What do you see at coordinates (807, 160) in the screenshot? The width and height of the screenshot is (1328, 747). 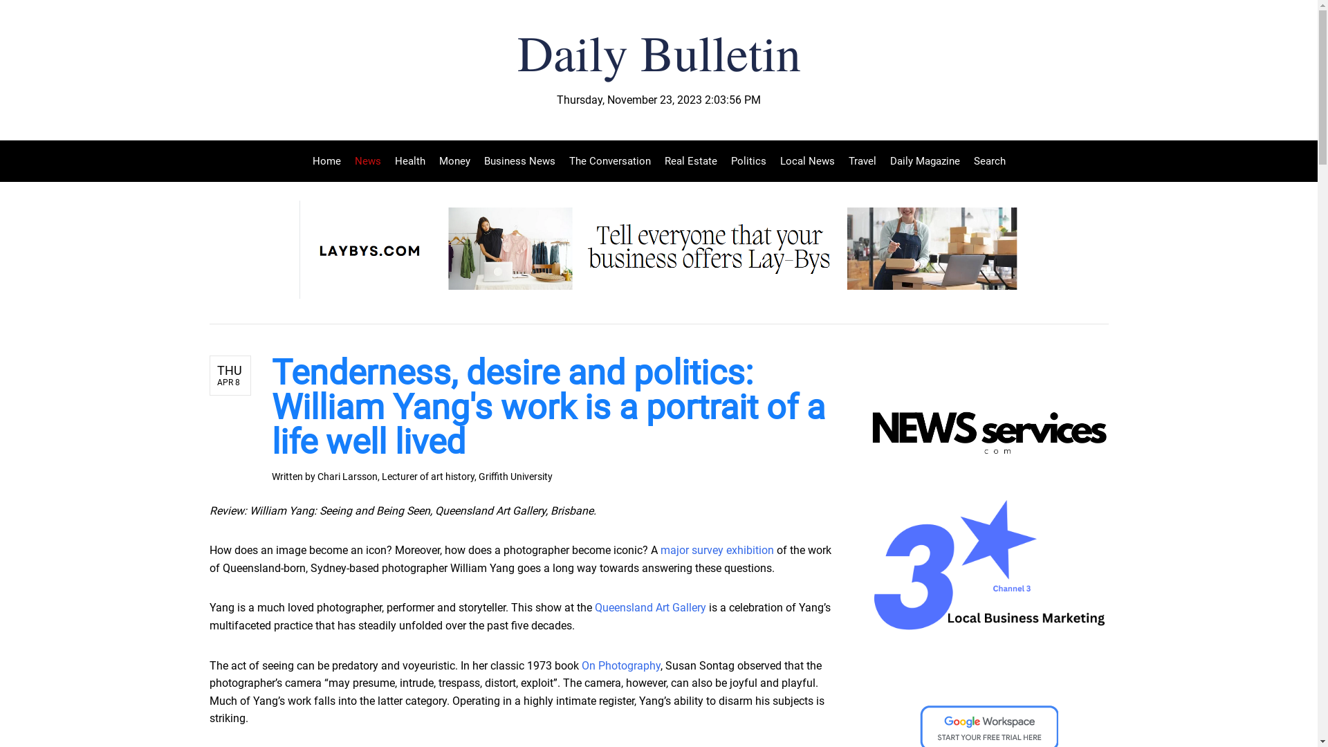 I see `'Local News'` at bounding box center [807, 160].